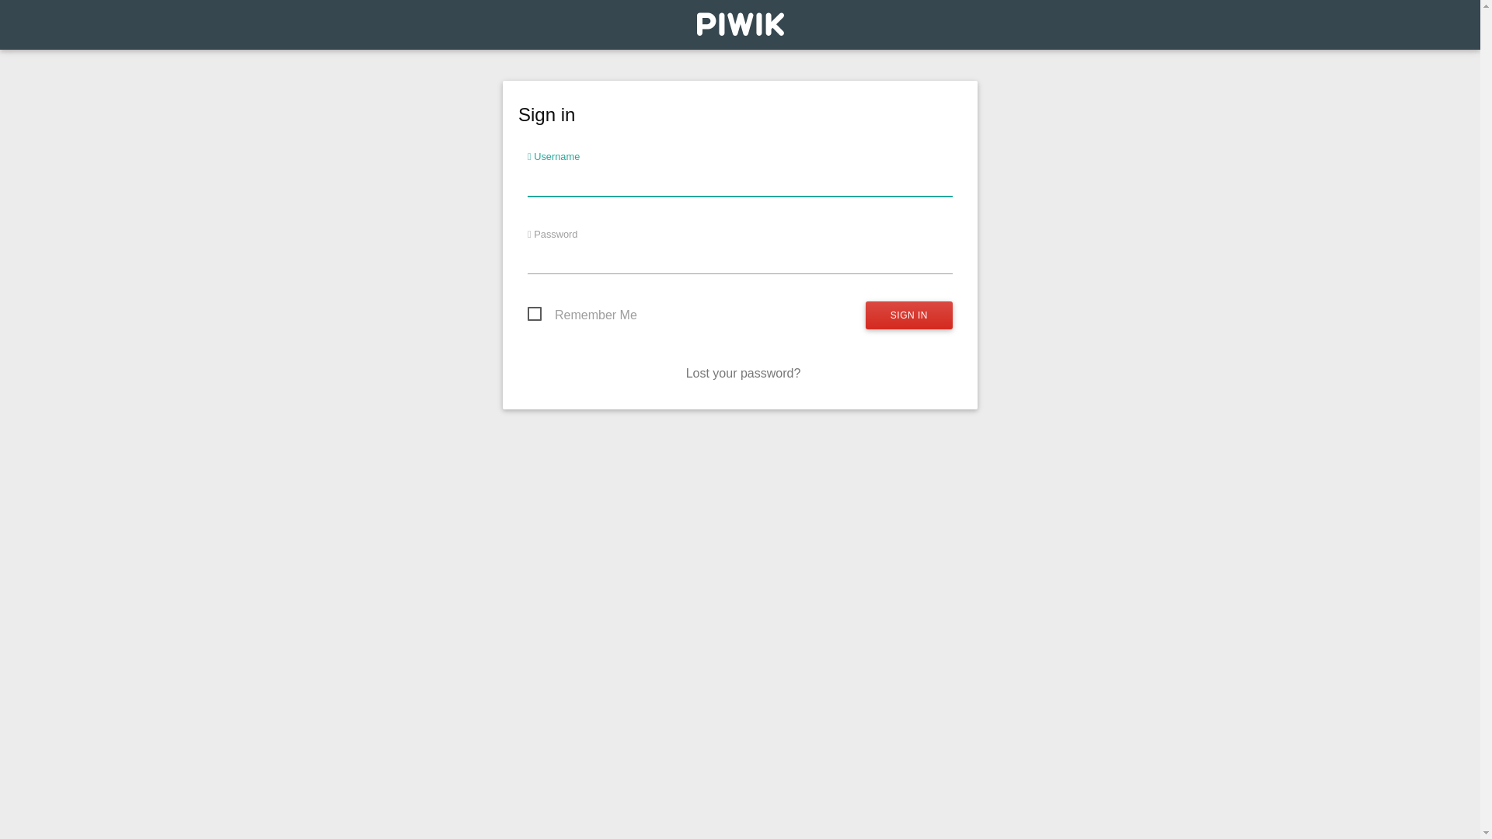  What do you see at coordinates (738, 28) in the screenshot?
I see `'Web analytics'` at bounding box center [738, 28].